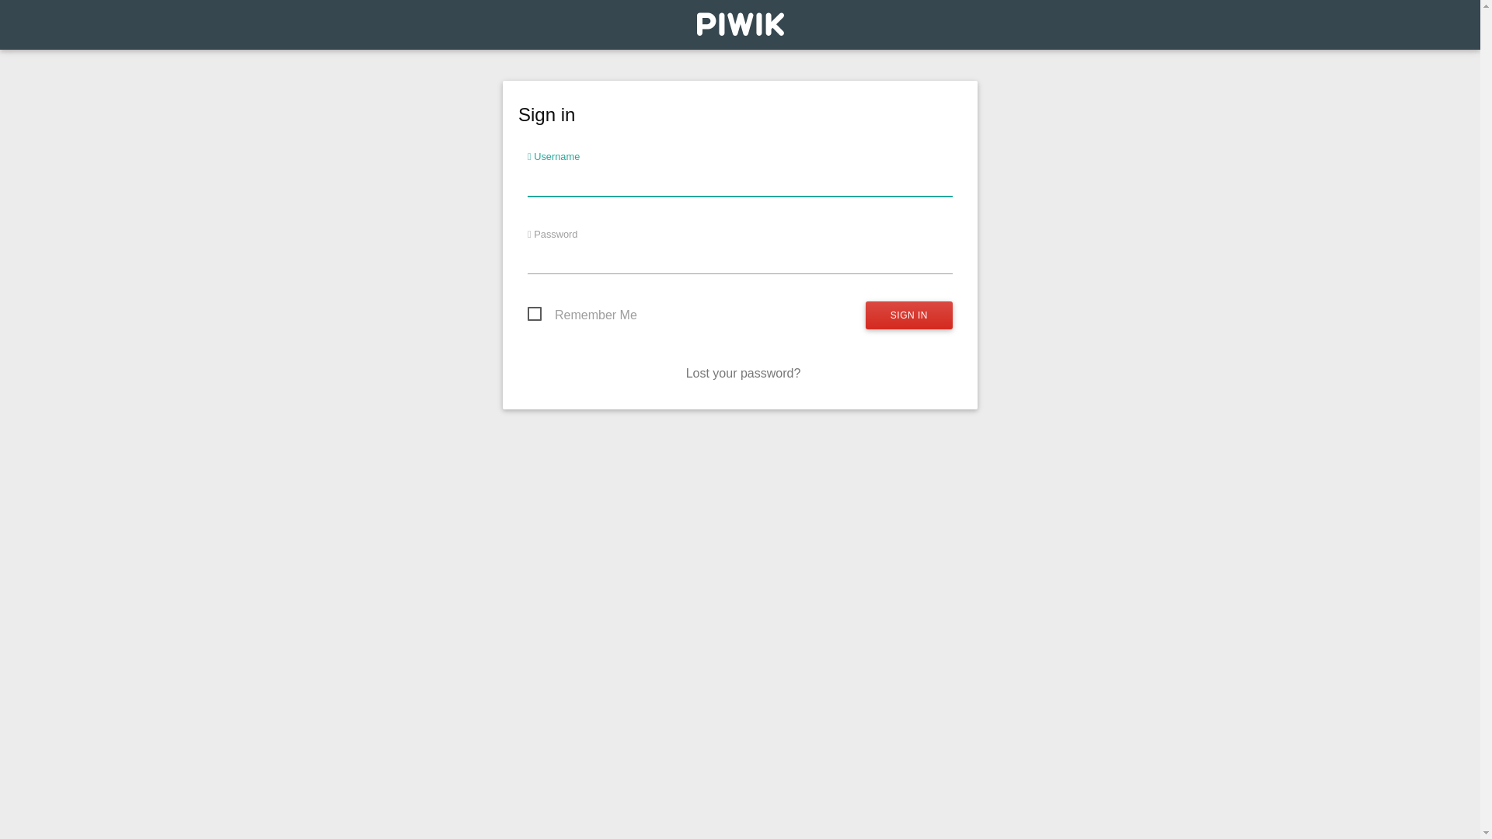  What do you see at coordinates (738, 28) in the screenshot?
I see `'Web analytics'` at bounding box center [738, 28].